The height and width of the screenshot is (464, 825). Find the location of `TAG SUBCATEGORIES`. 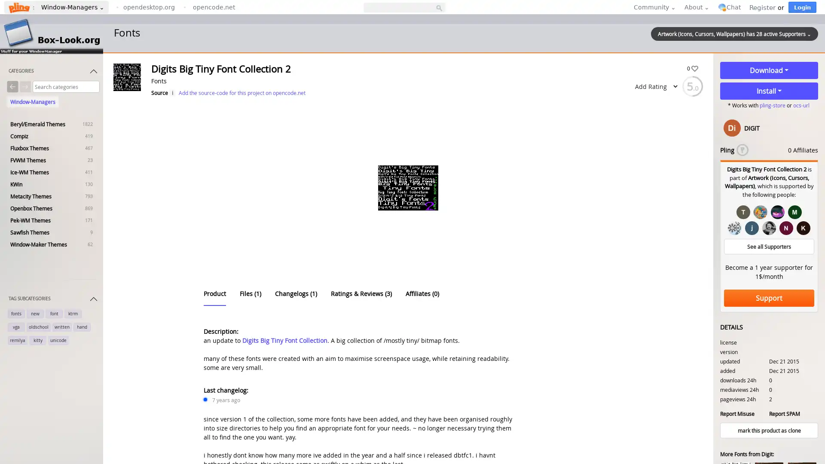

TAG SUBCATEGORIES is located at coordinates (53, 300).